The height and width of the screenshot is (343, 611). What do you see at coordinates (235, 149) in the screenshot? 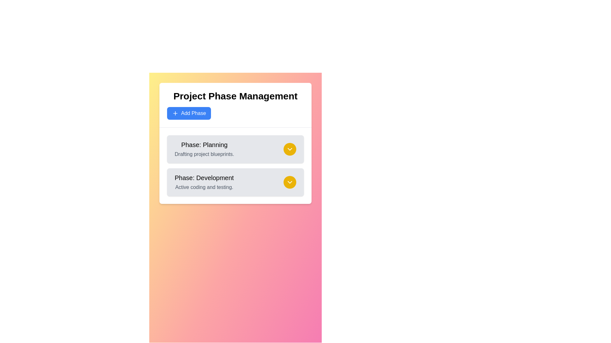
I see `the project management phase panel located near the center of the interface` at bounding box center [235, 149].